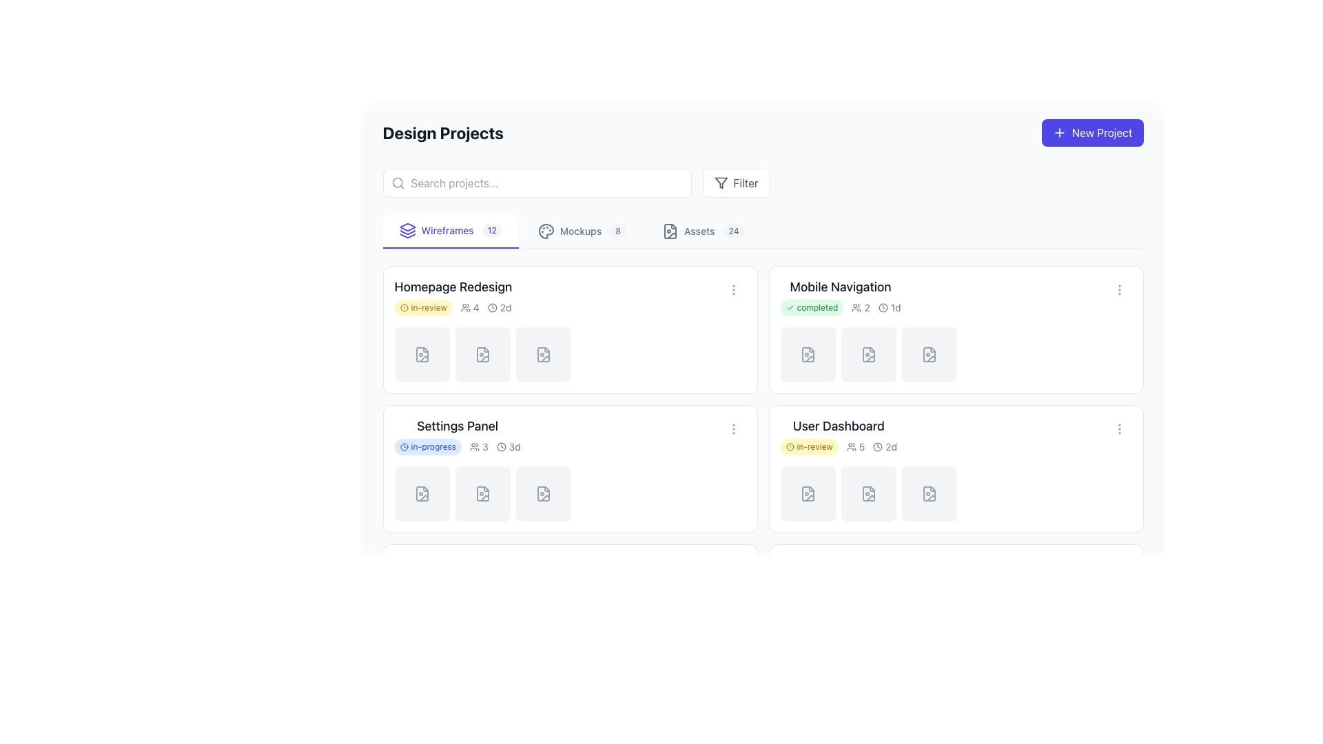  What do you see at coordinates (868, 354) in the screenshot?
I see `the file placeholder icon located under the 'Wireframes' tab, which is the third icon in the Mobile Navigation section's grid layout` at bounding box center [868, 354].